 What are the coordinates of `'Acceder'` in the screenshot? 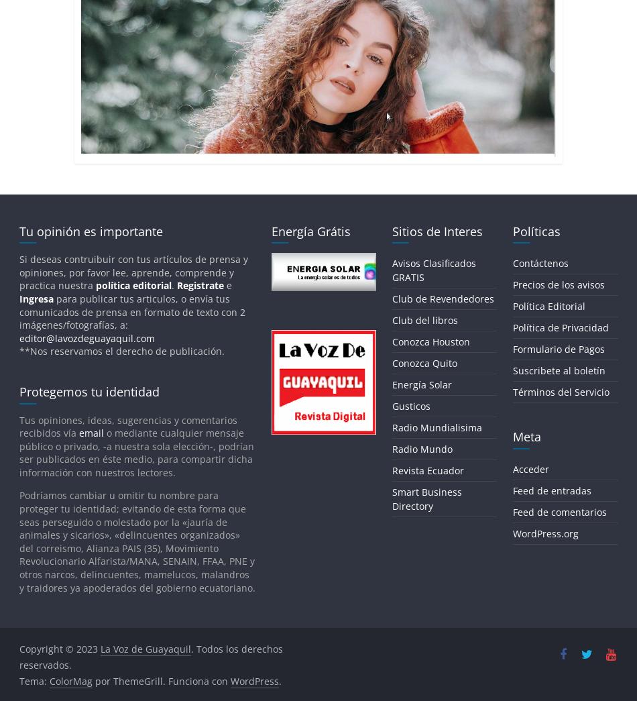 It's located at (529, 468).